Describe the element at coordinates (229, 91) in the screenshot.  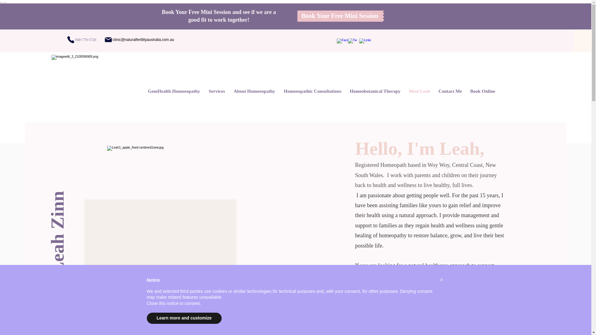
I see `'About Homoeopathy'` at that location.